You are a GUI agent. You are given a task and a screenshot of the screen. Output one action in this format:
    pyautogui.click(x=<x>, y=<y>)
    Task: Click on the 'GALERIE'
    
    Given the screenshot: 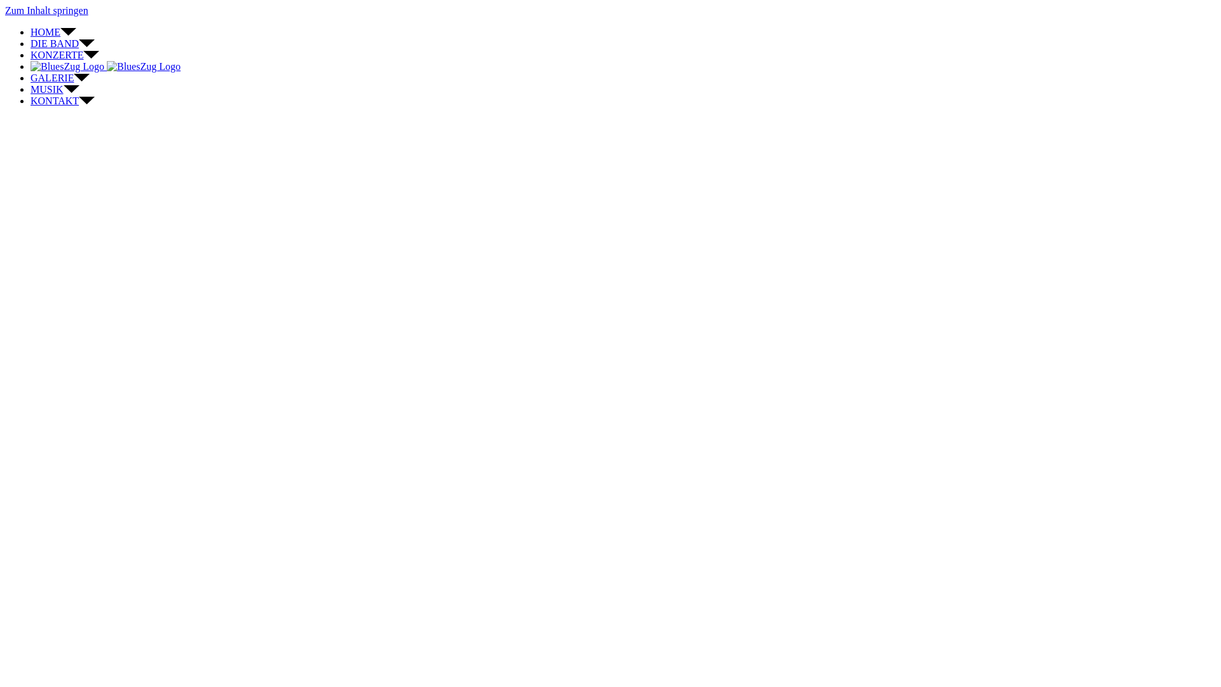 What is the action you would take?
    pyautogui.click(x=59, y=78)
    